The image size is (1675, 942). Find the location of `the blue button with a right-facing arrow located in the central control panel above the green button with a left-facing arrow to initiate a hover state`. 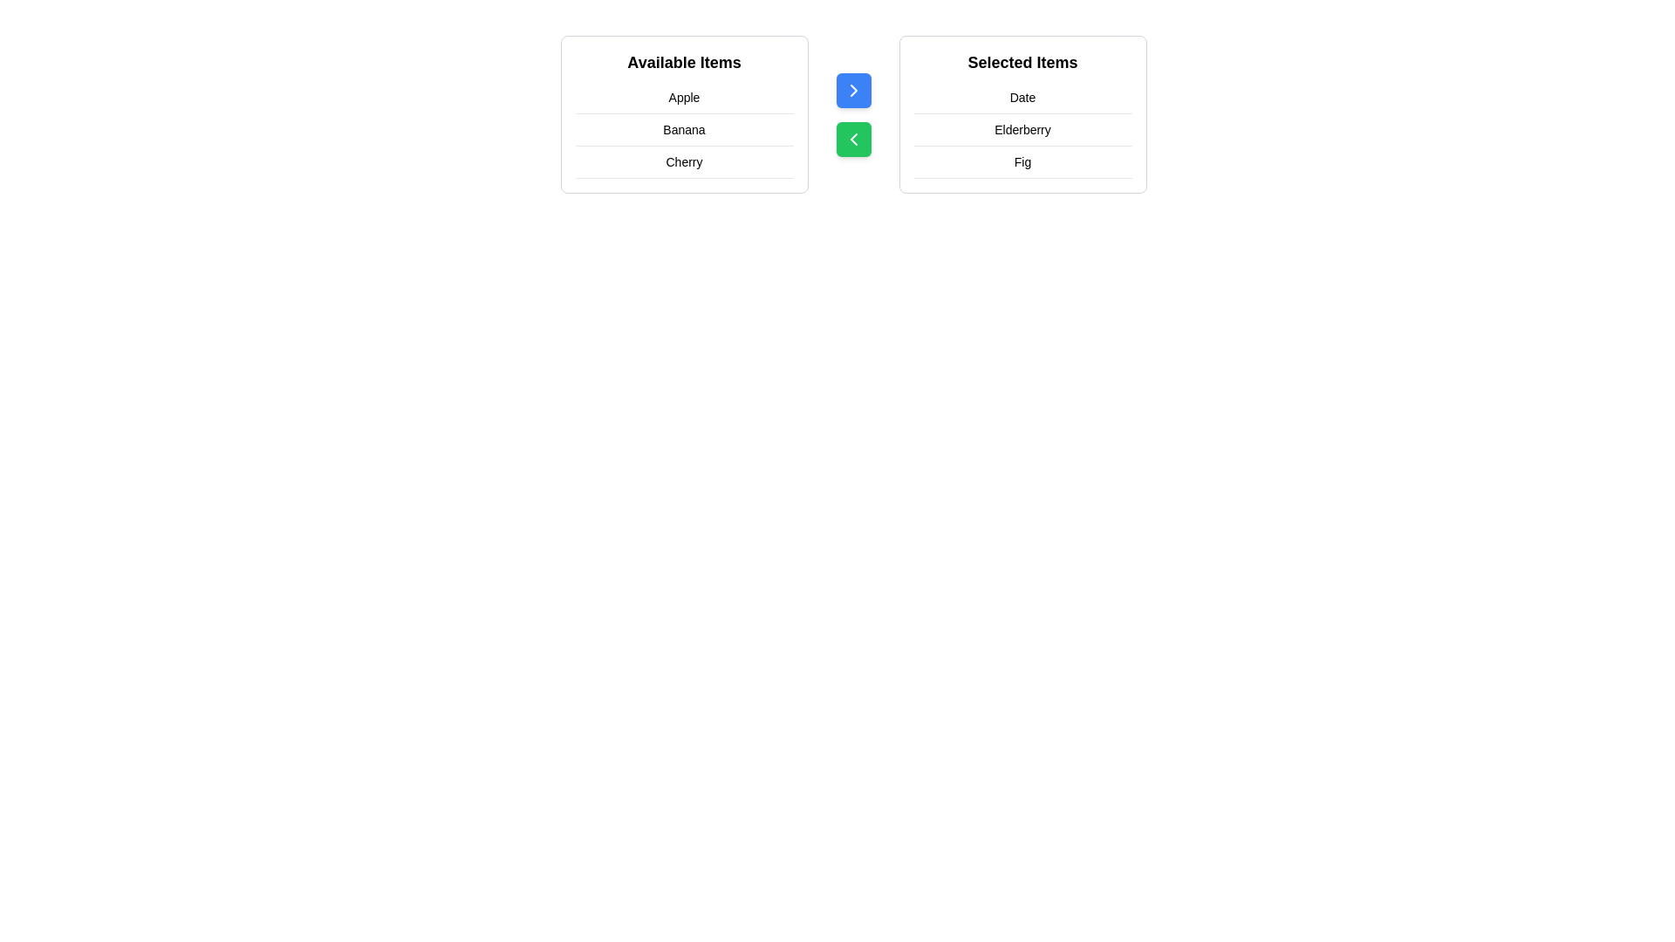

the blue button with a right-facing arrow located in the central control panel above the green button with a left-facing arrow to initiate a hover state is located at coordinates (853, 90).